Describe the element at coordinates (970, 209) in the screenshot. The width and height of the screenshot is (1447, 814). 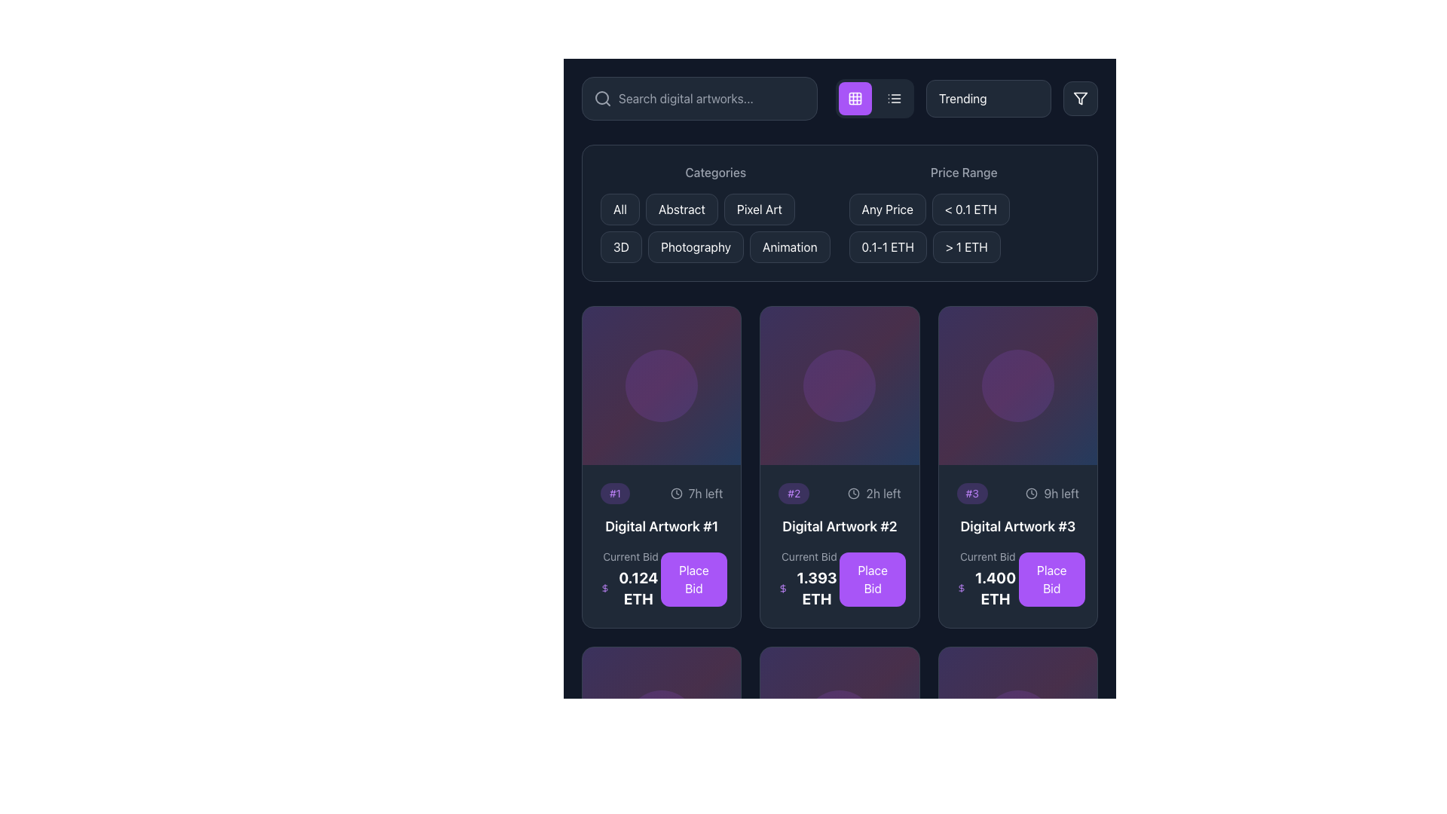
I see `the '< 0.1 ETH' button in the 'Price Range' section to apply the price filter` at that location.